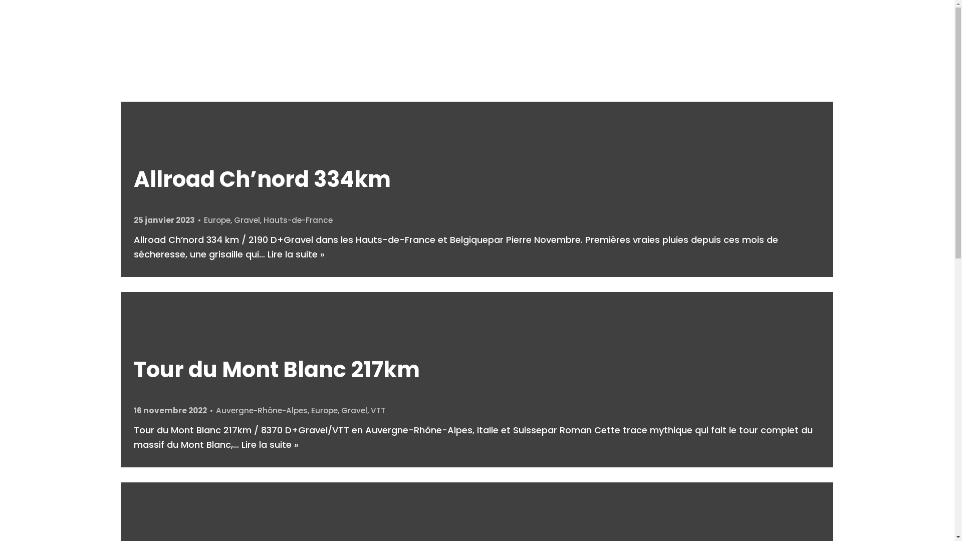 Image resolution: width=962 pixels, height=541 pixels. What do you see at coordinates (216, 219) in the screenshot?
I see `'Europe'` at bounding box center [216, 219].